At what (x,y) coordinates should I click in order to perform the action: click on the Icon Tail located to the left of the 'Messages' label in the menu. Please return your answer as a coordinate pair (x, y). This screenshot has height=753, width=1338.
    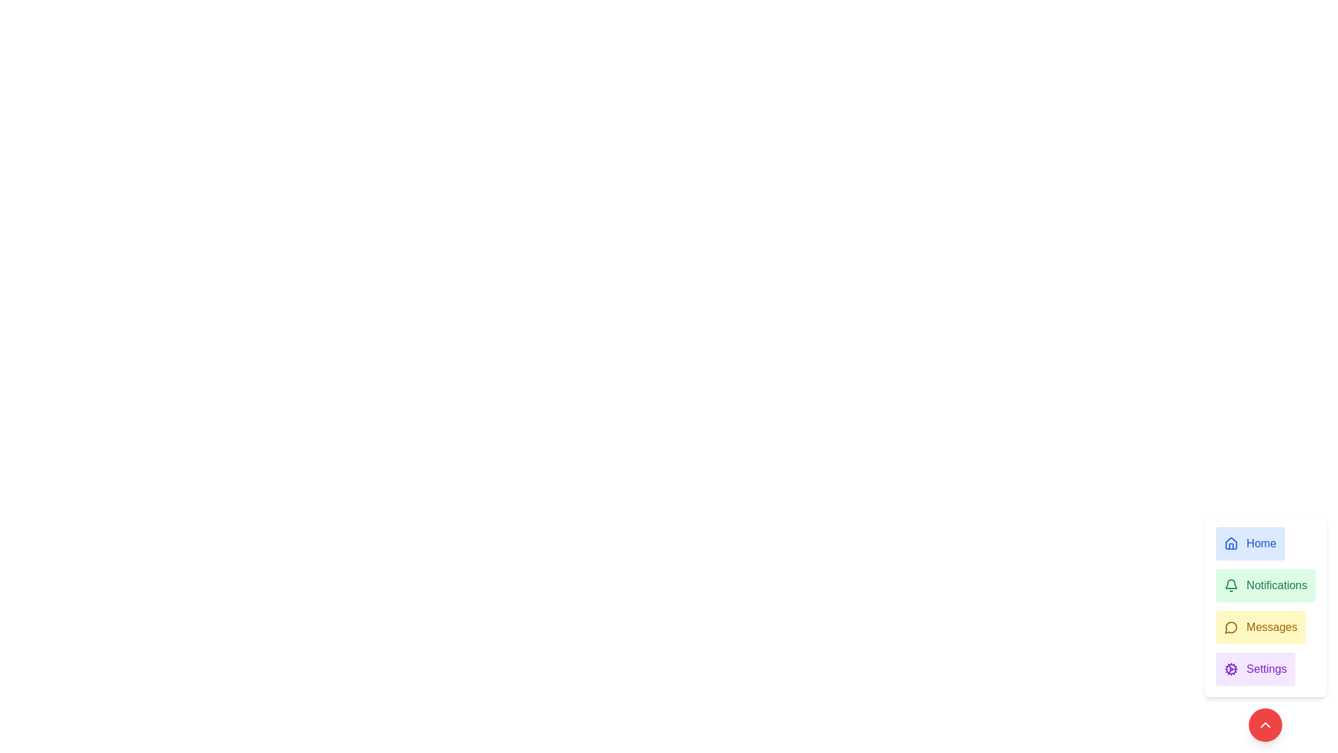
    Looking at the image, I should click on (1231, 627).